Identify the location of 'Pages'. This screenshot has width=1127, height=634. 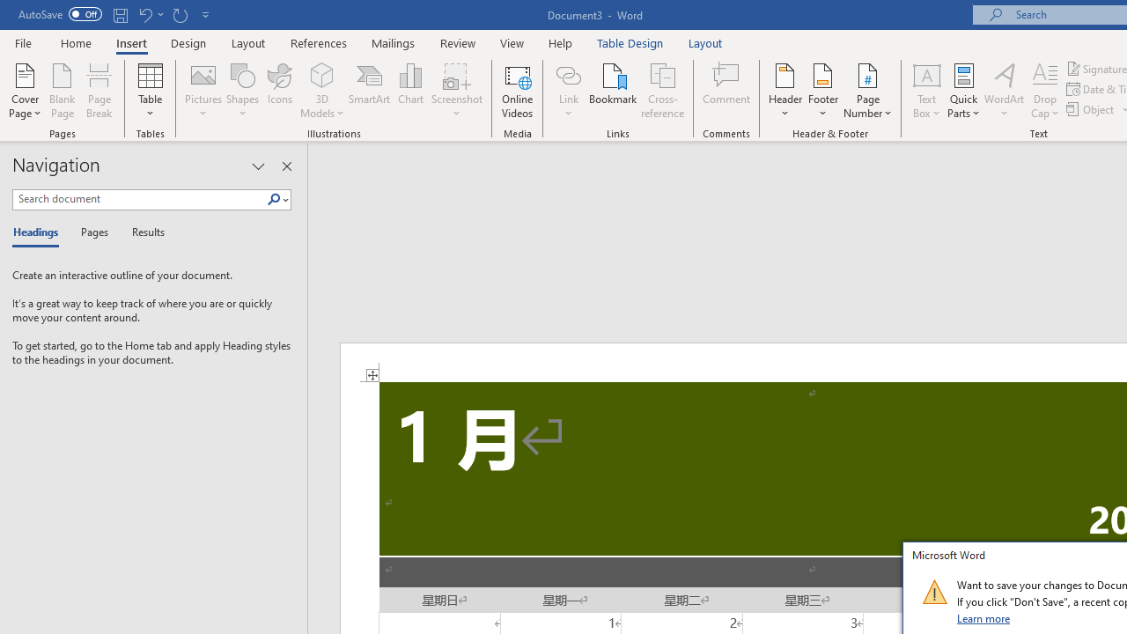
(92, 232).